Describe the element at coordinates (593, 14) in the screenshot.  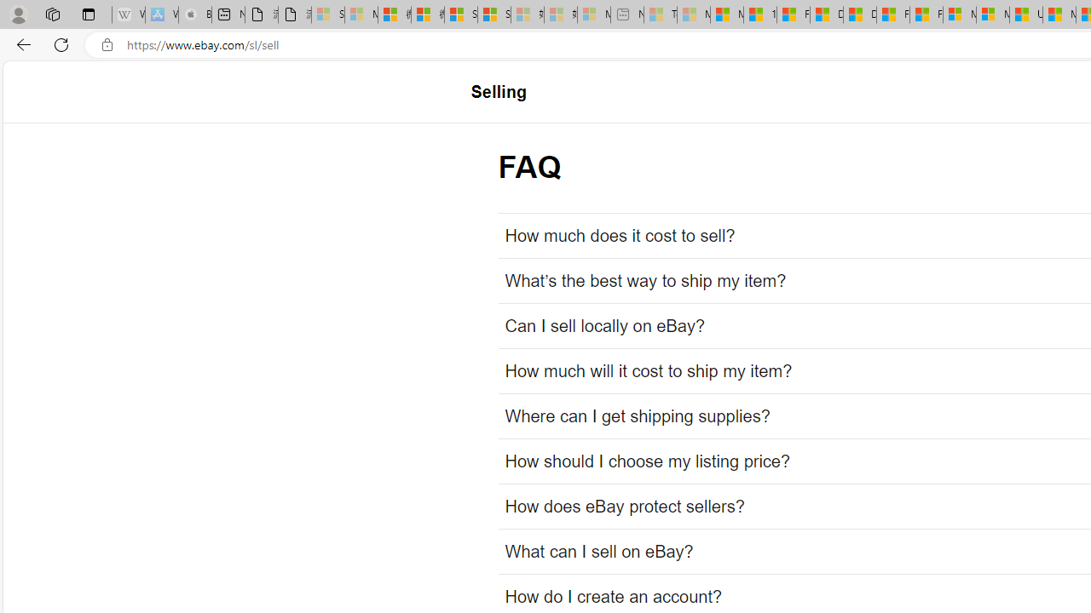
I see `'Microsoft account | Account Checkup - Sleeping'` at that location.